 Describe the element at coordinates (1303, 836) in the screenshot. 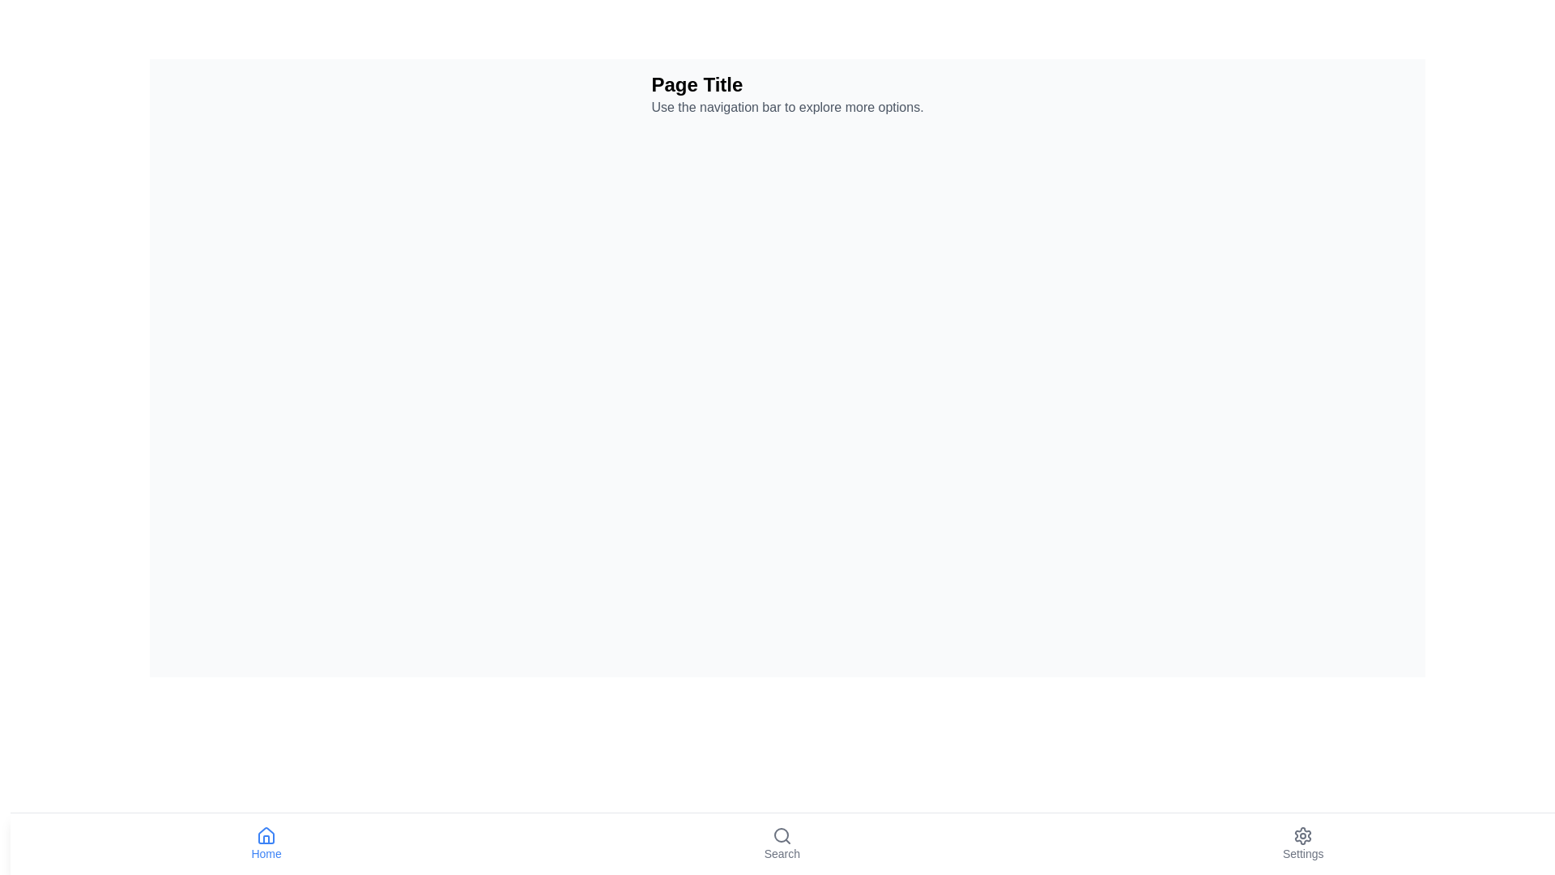

I see `the gear-shaped icon in the bottom navigation bar, which is associated with settings, located centrally within the 'Settings' button area` at that location.